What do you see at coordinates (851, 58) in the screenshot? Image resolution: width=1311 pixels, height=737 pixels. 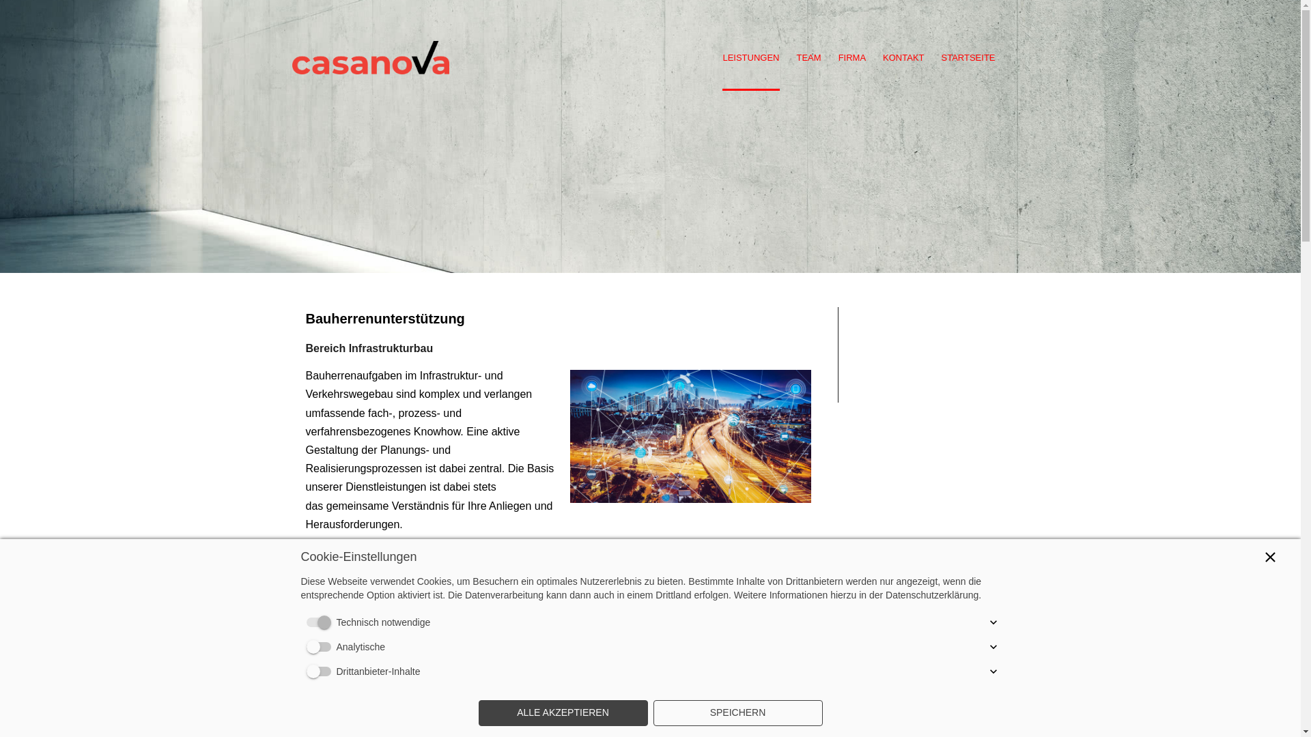 I see `'FIRMA'` at bounding box center [851, 58].